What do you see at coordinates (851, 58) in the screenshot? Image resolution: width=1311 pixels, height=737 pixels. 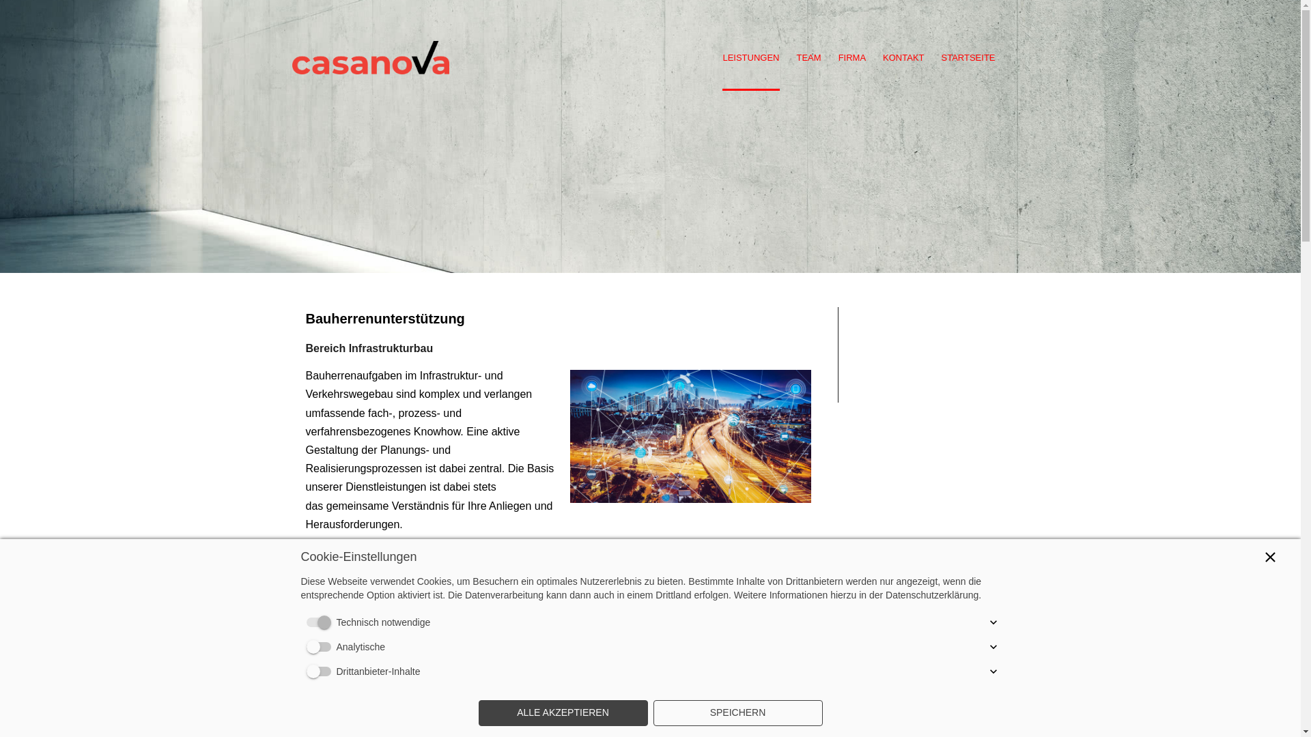 I see `'FIRMA'` at bounding box center [851, 58].